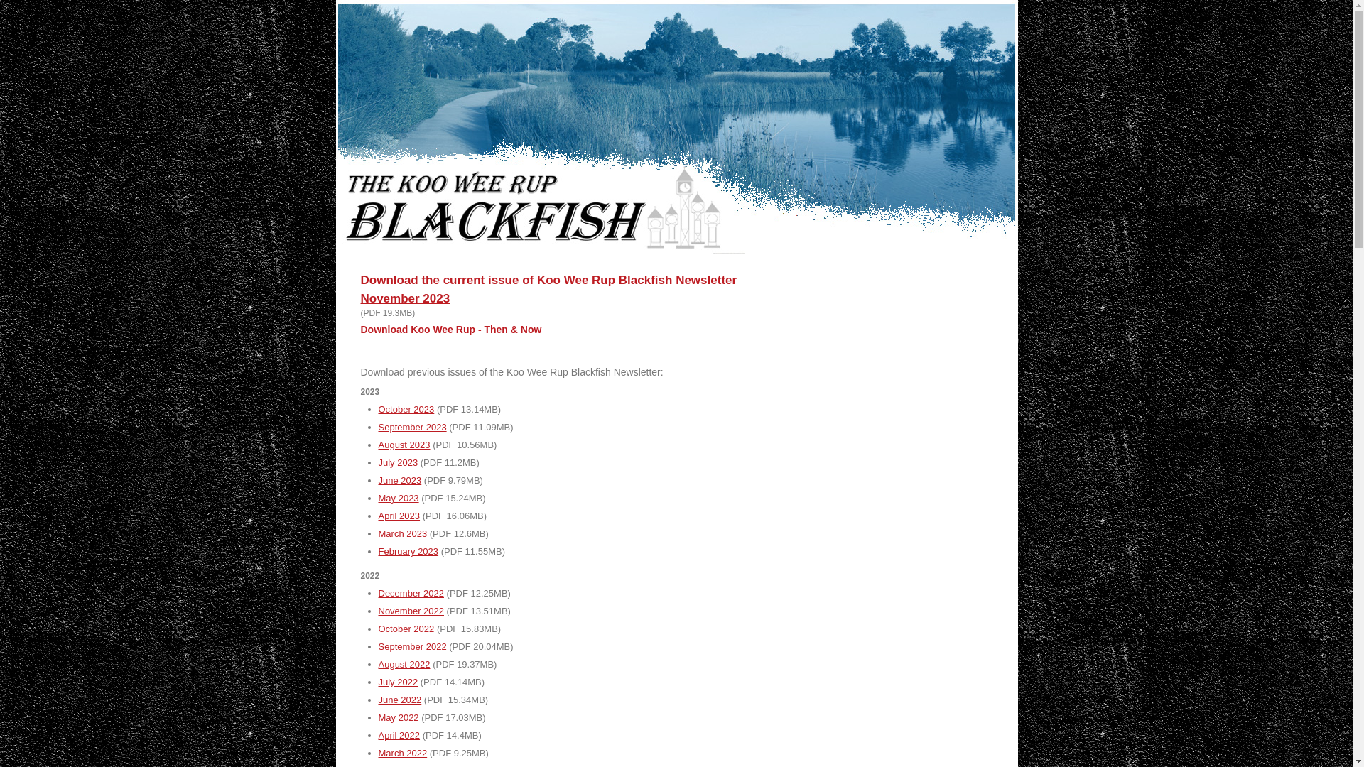 The image size is (1364, 767). I want to click on 'November 2023', so click(361, 298).